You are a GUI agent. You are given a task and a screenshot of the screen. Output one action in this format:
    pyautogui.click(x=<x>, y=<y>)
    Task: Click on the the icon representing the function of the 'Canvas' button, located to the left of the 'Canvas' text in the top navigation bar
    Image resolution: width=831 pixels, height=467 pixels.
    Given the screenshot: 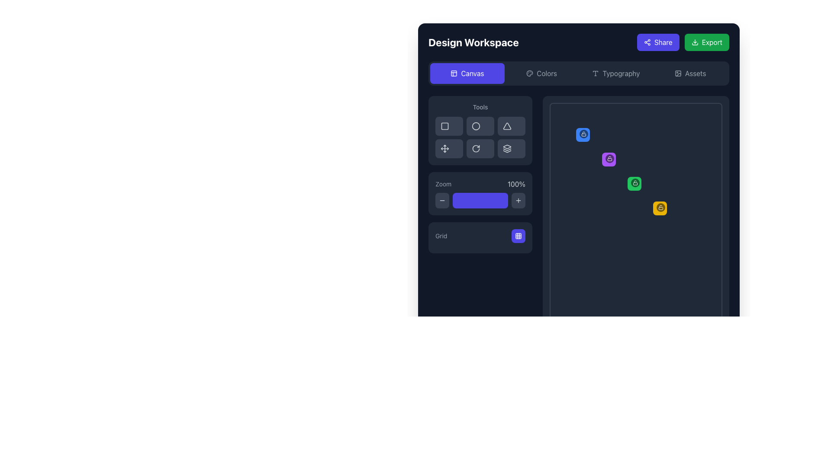 What is the action you would take?
    pyautogui.click(x=454, y=73)
    